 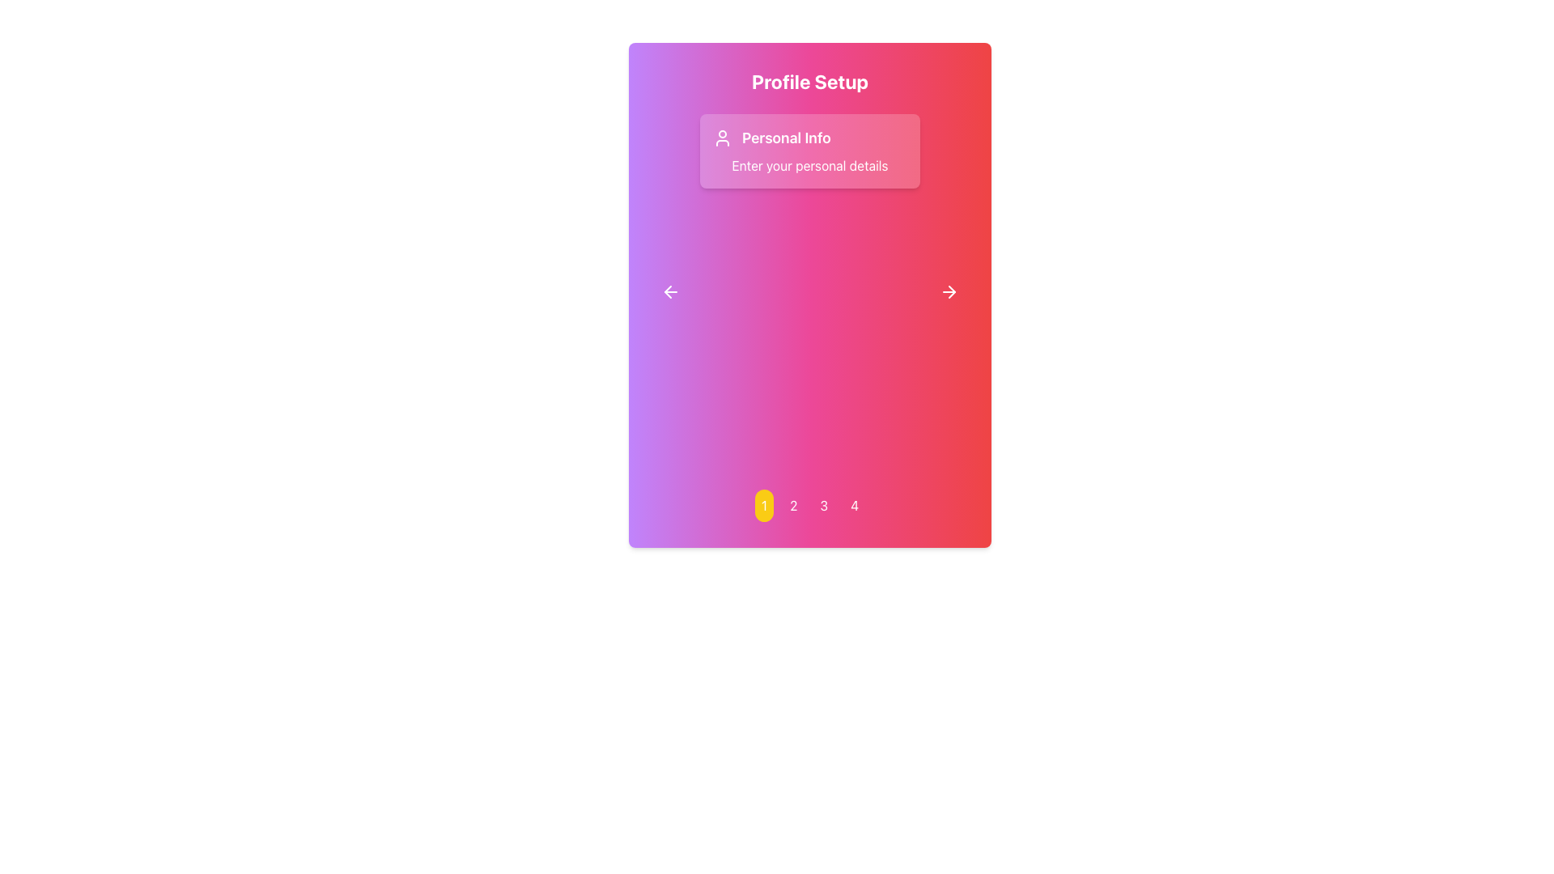 I want to click on the highlighted step number in the Progress indicator located at the bottom of the card, so click(x=810, y=504).